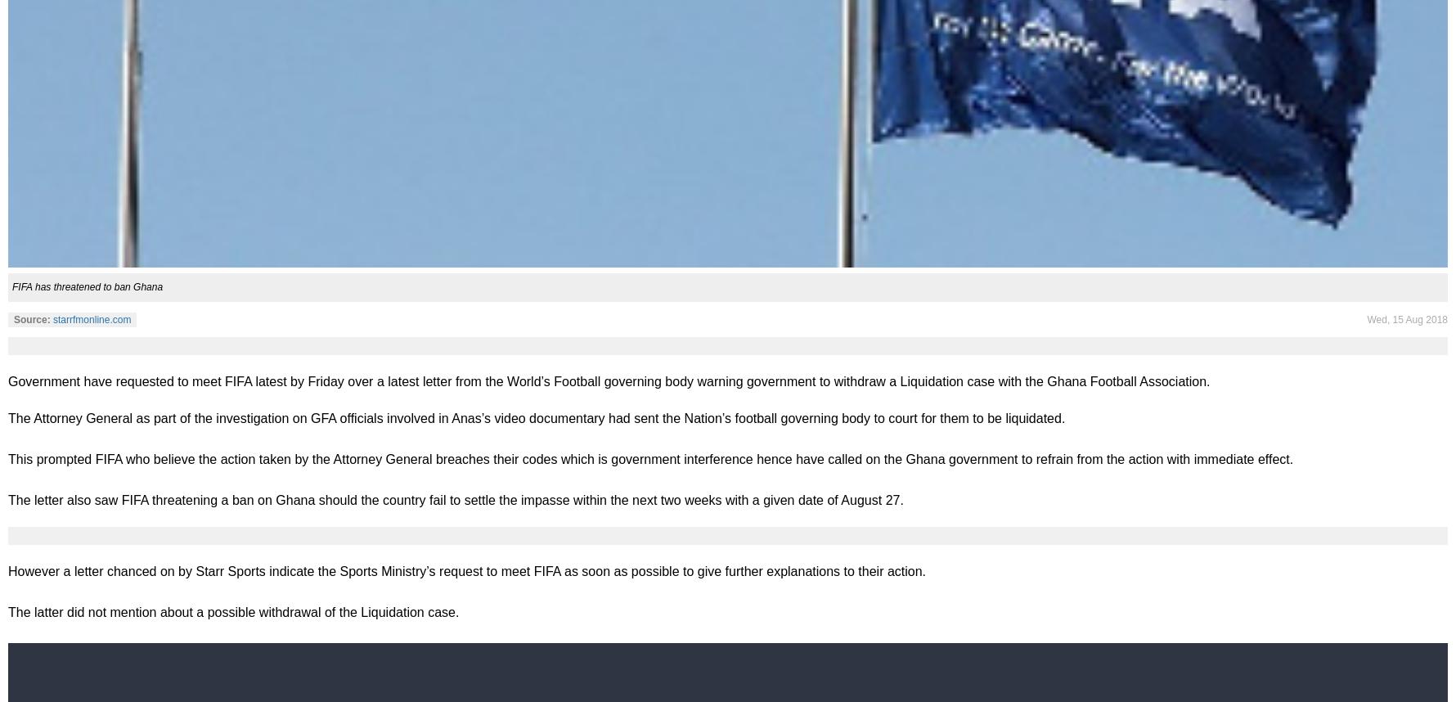 This screenshot has width=1456, height=702. I want to click on 'Source:', so click(14, 317).